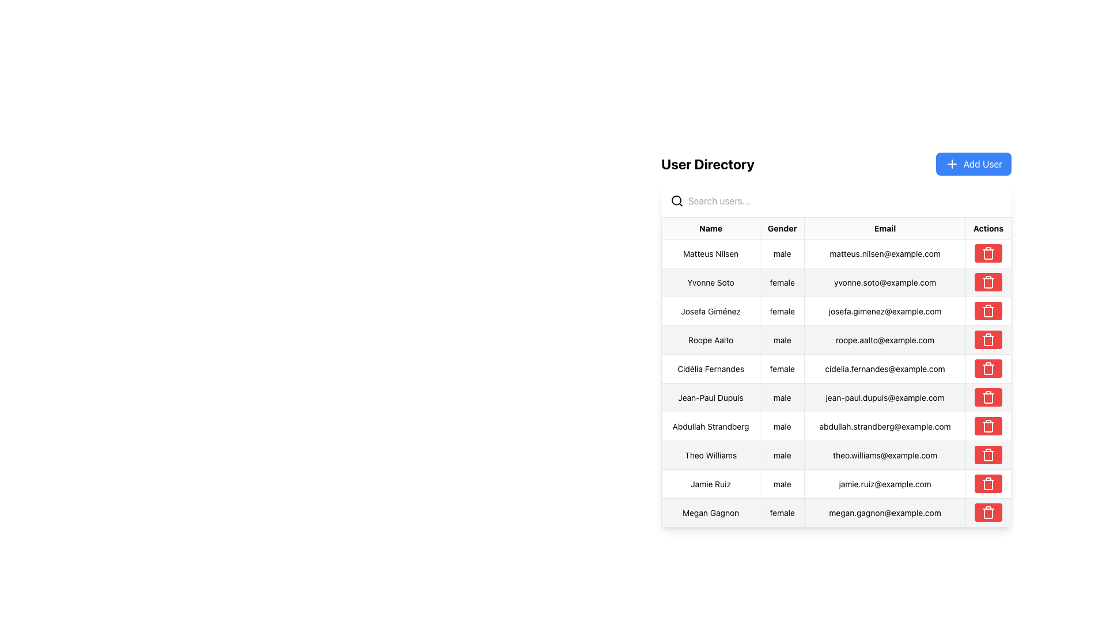 The width and height of the screenshot is (1106, 622). Describe the element at coordinates (987, 454) in the screenshot. I see `the red rectangular button with a trash-can icon` at that location.